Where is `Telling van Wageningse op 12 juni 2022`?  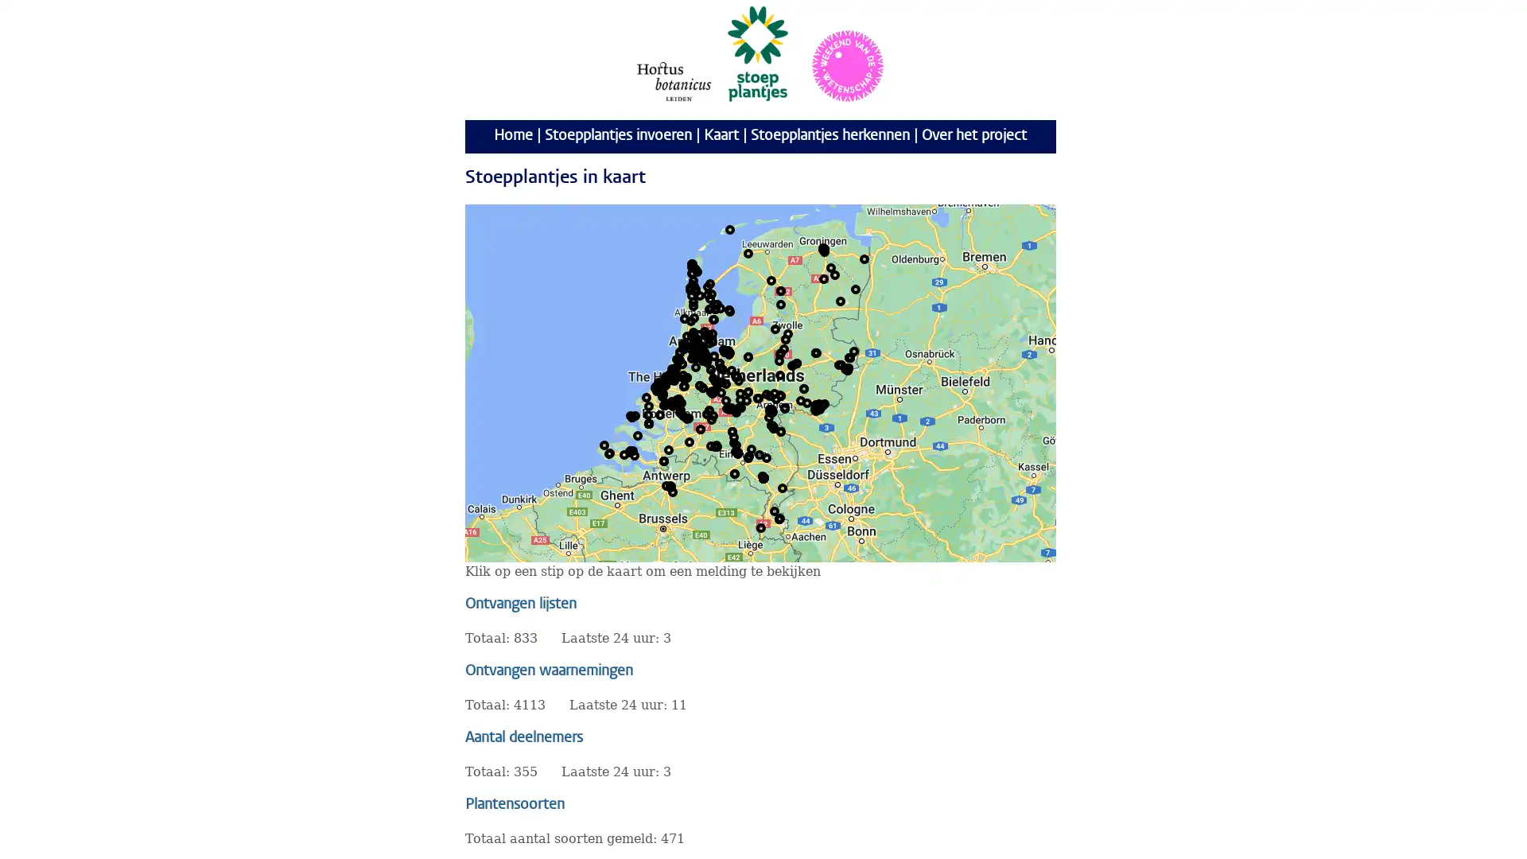 Telling van Wageningse op 12 juni 2022 is located at coordinates (757, 397).